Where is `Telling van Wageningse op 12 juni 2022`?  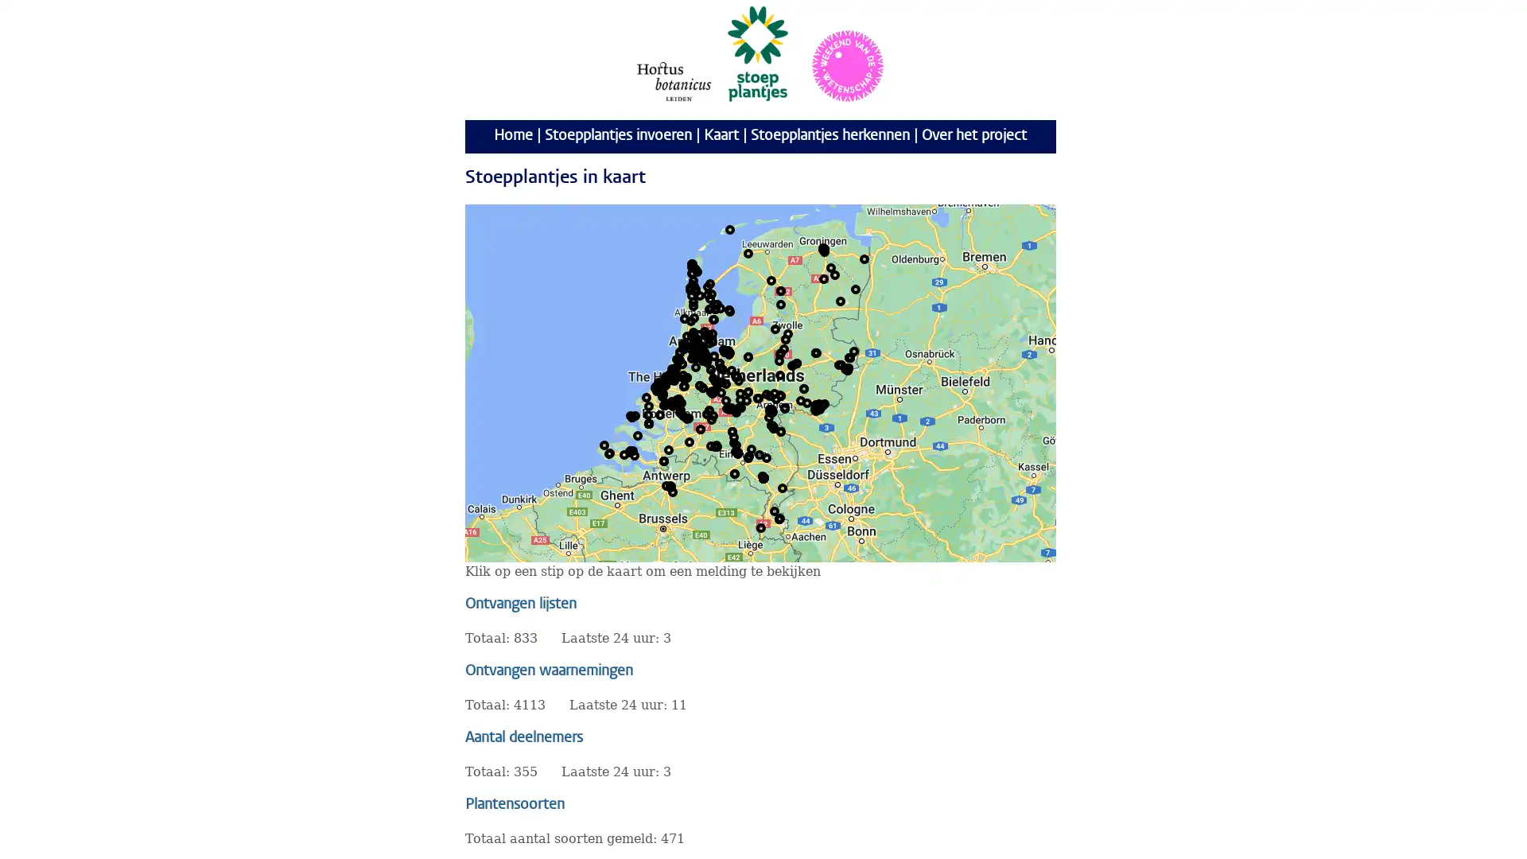 Telling van Wageningse op 12 juni 2022 is located at coordinates (757, 397).